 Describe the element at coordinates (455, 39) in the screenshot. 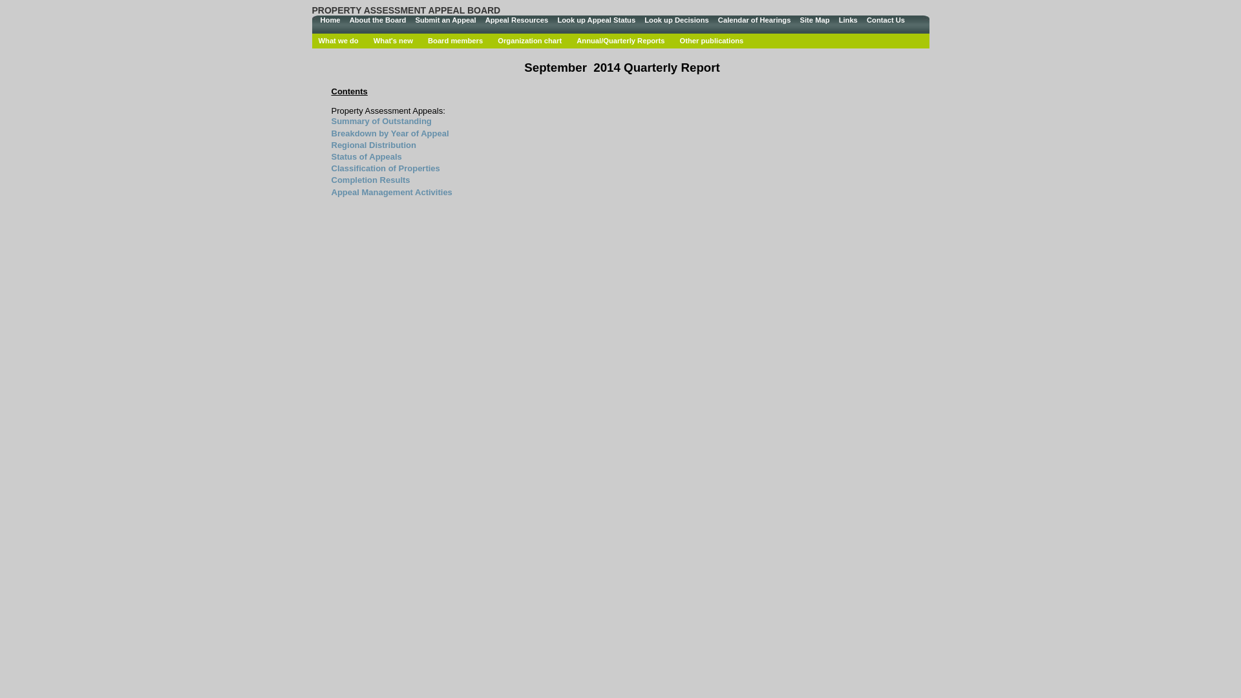

I see `'Board members'` at that location.